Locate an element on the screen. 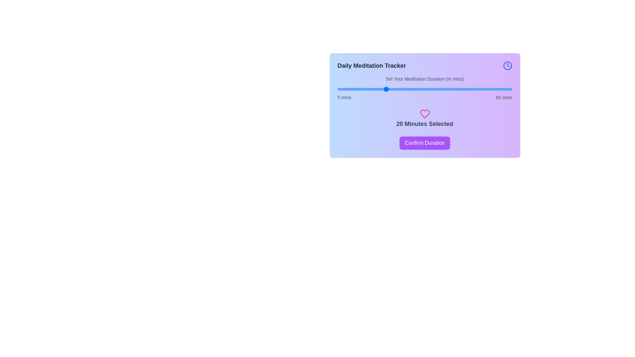  the meditation duration to 50 minutes using the slider is located at coordinates (480, 89).